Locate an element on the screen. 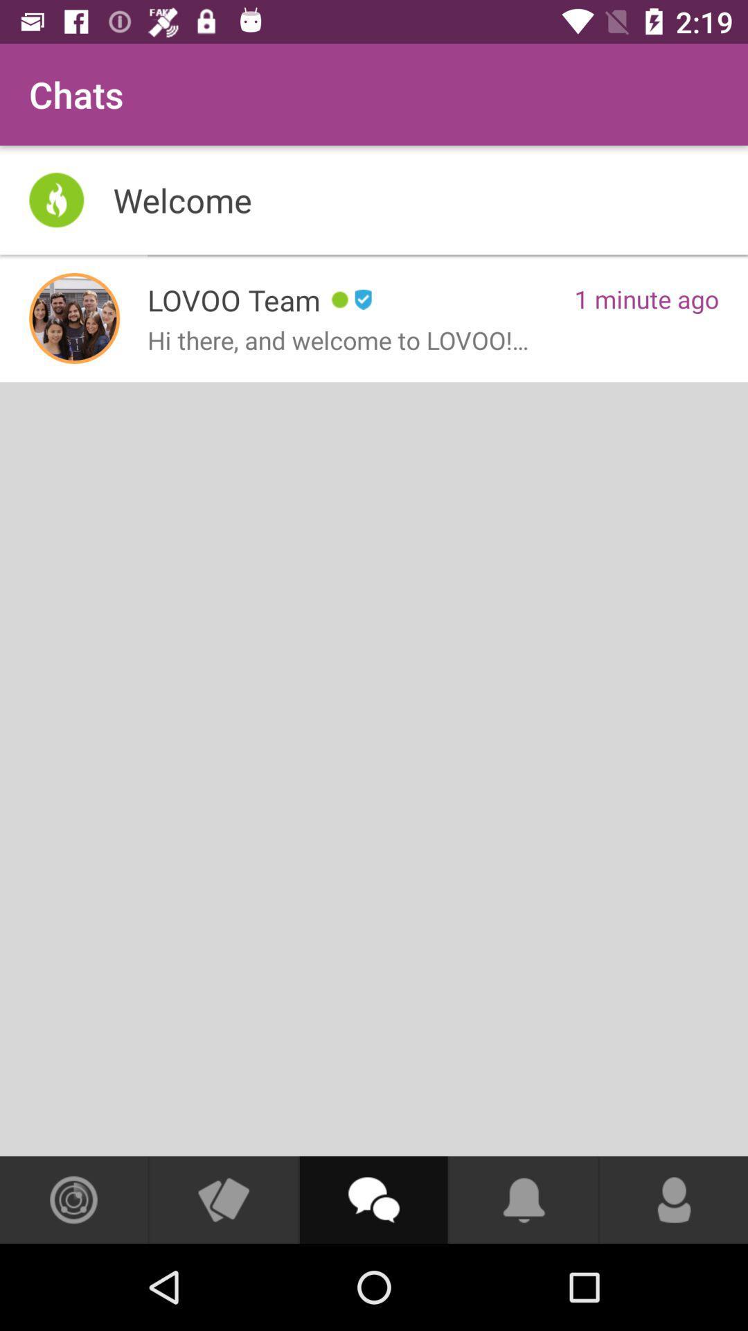 This screenshot has width=748, height=1331. open your profile is located at coordinates (673, 1199).